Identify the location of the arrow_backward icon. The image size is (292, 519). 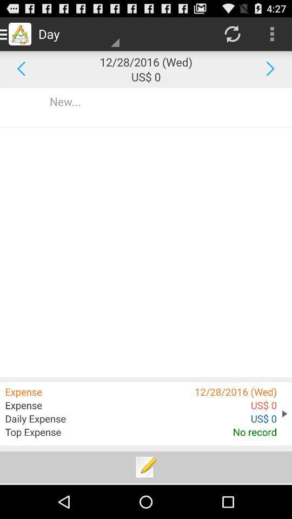
(21, 73).